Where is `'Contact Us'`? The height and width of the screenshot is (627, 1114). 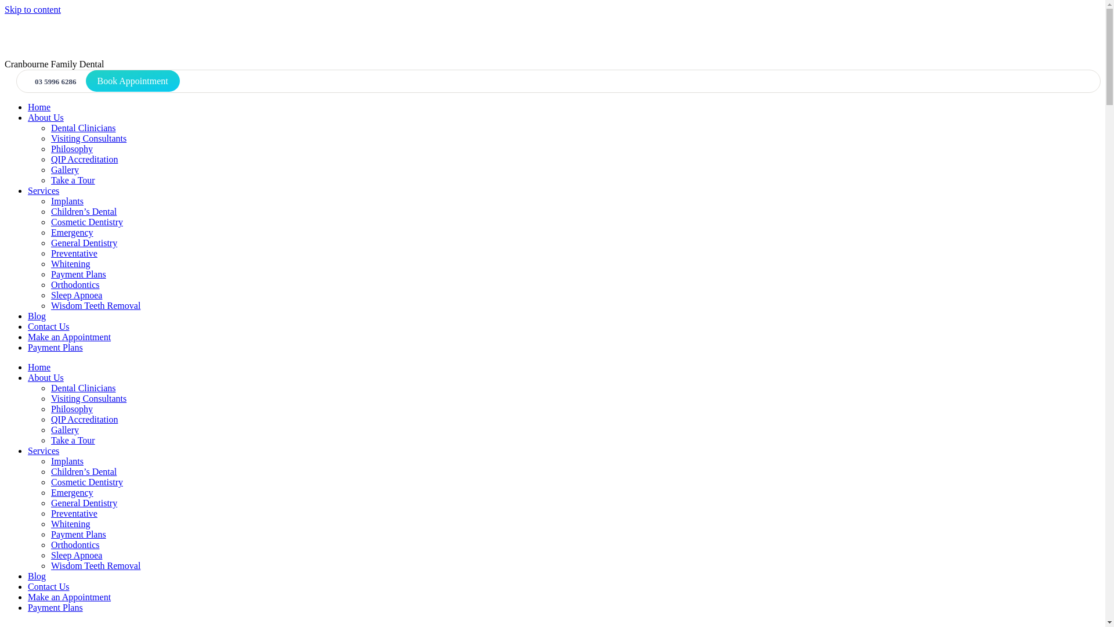
'Contact Us' is located at coordinates (28, 326).